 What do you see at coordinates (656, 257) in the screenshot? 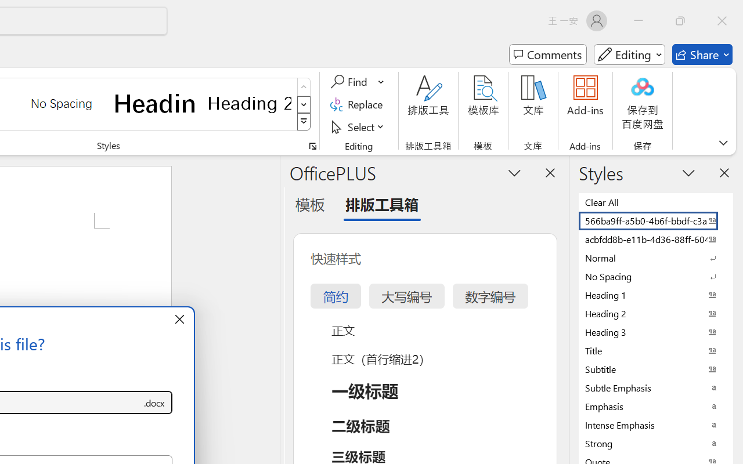
I see `'Normal'` at bounding box center [656, 257].